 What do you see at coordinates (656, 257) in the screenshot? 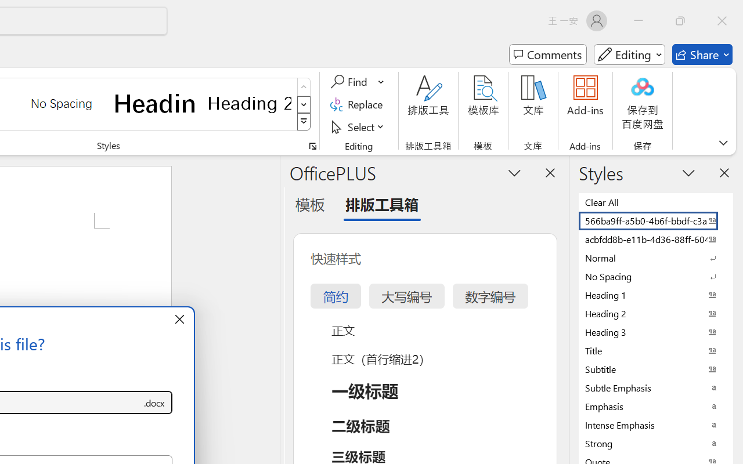
I see `'Normal'` at bounding box center [656, 257].